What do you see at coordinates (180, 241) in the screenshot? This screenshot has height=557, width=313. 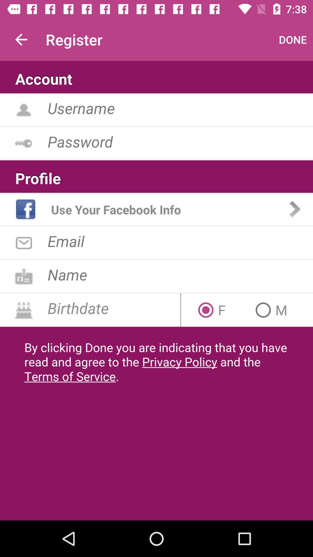 I see `email` at bounding box center [180, 241].